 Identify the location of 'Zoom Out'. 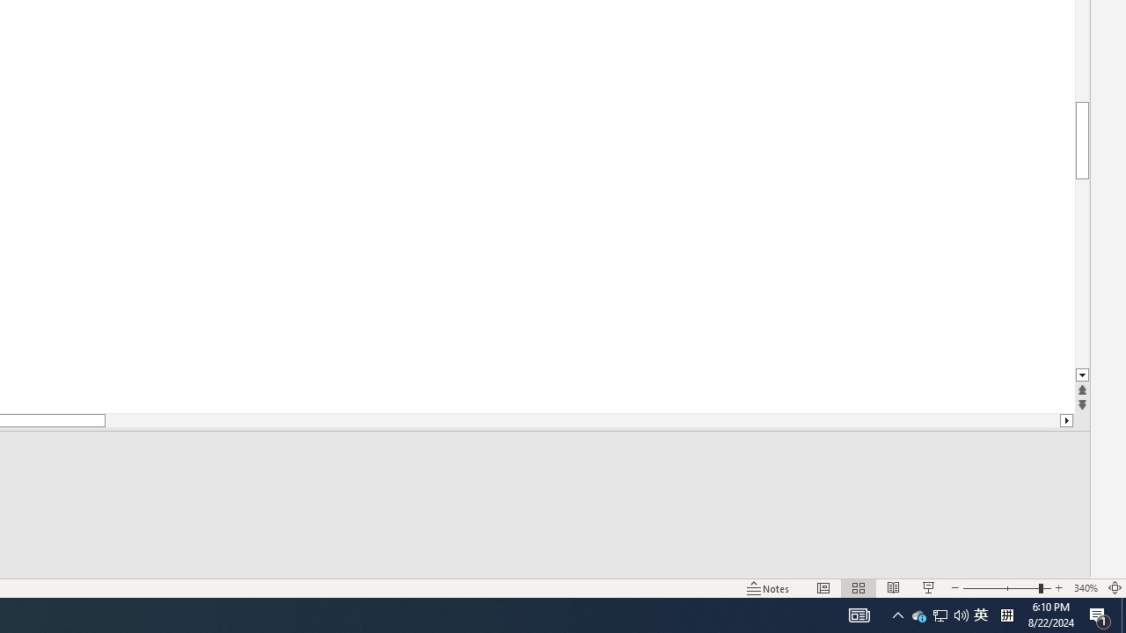
(1000, 588).